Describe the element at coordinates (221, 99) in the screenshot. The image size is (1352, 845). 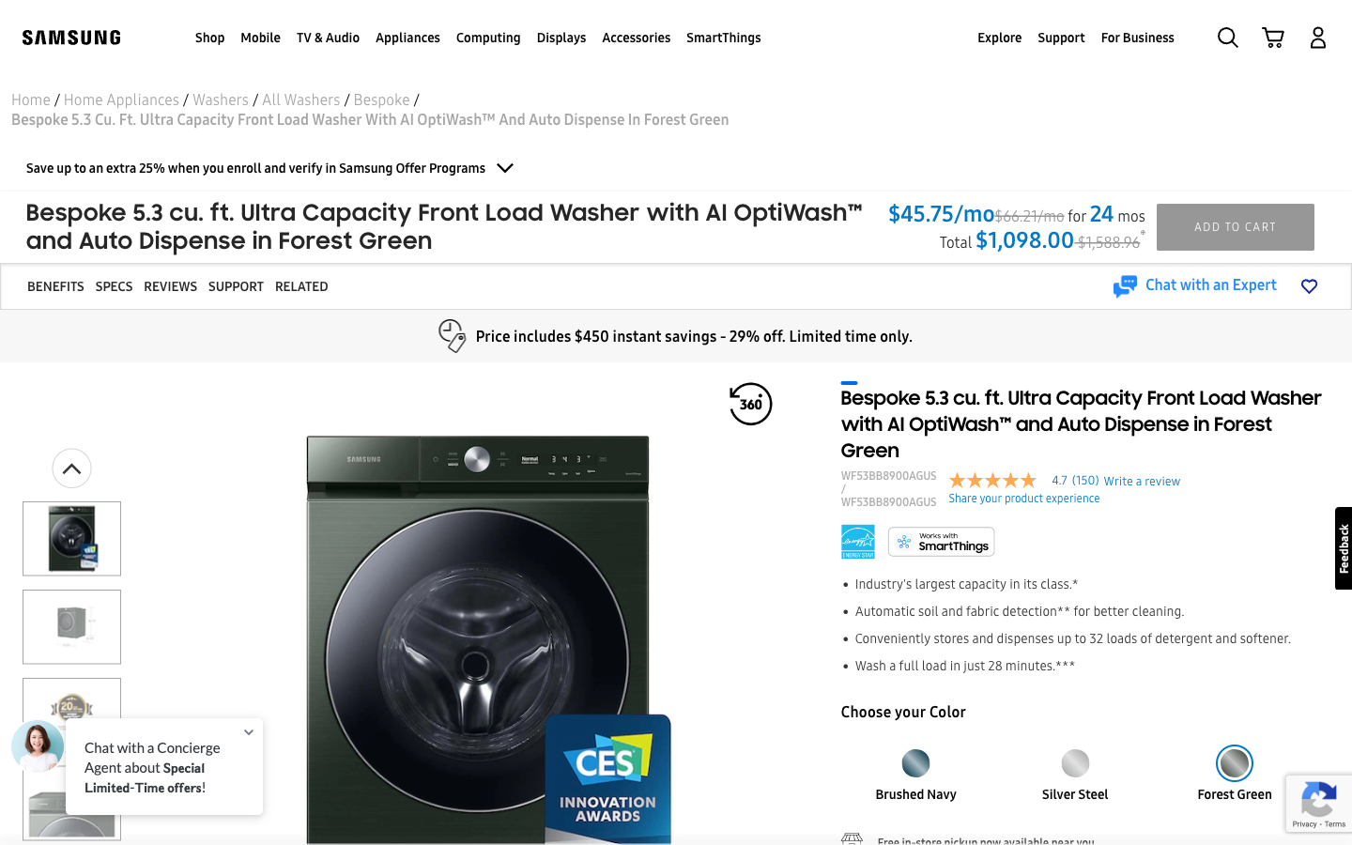
I see `Return two pages to browse all the washers` at that location.